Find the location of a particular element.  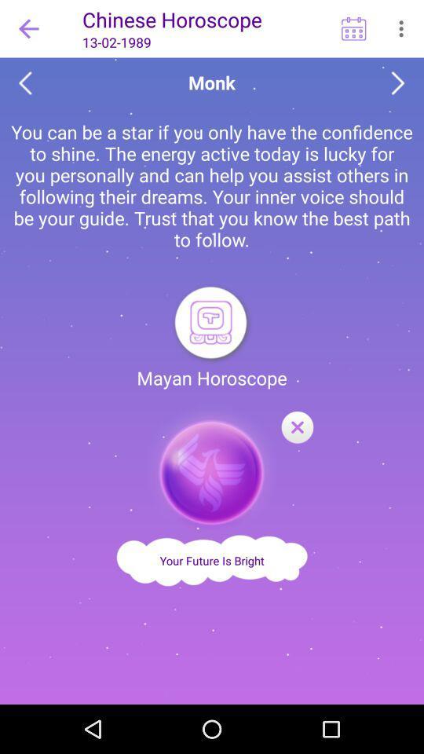

symbol is located at coordinates (212, 467).